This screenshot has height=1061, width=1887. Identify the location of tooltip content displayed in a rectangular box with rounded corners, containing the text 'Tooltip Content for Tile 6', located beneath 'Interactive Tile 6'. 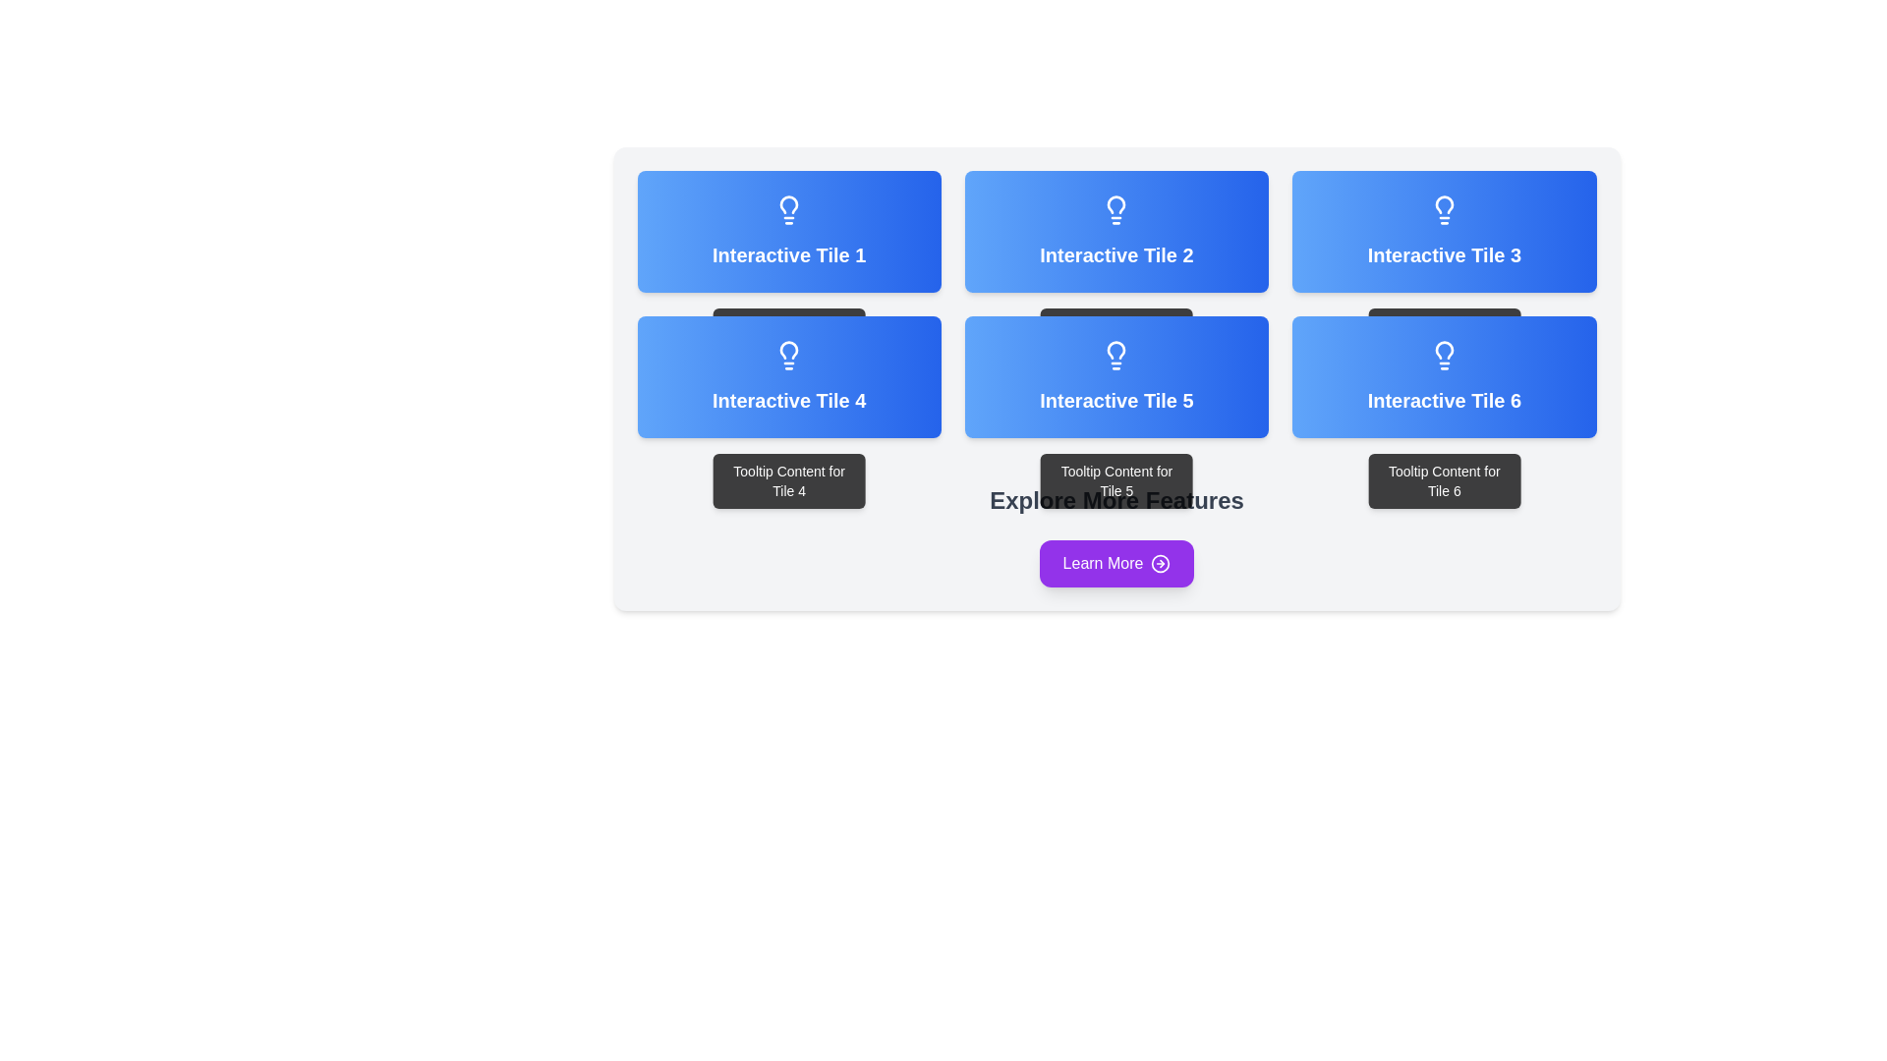
(1444, 480).